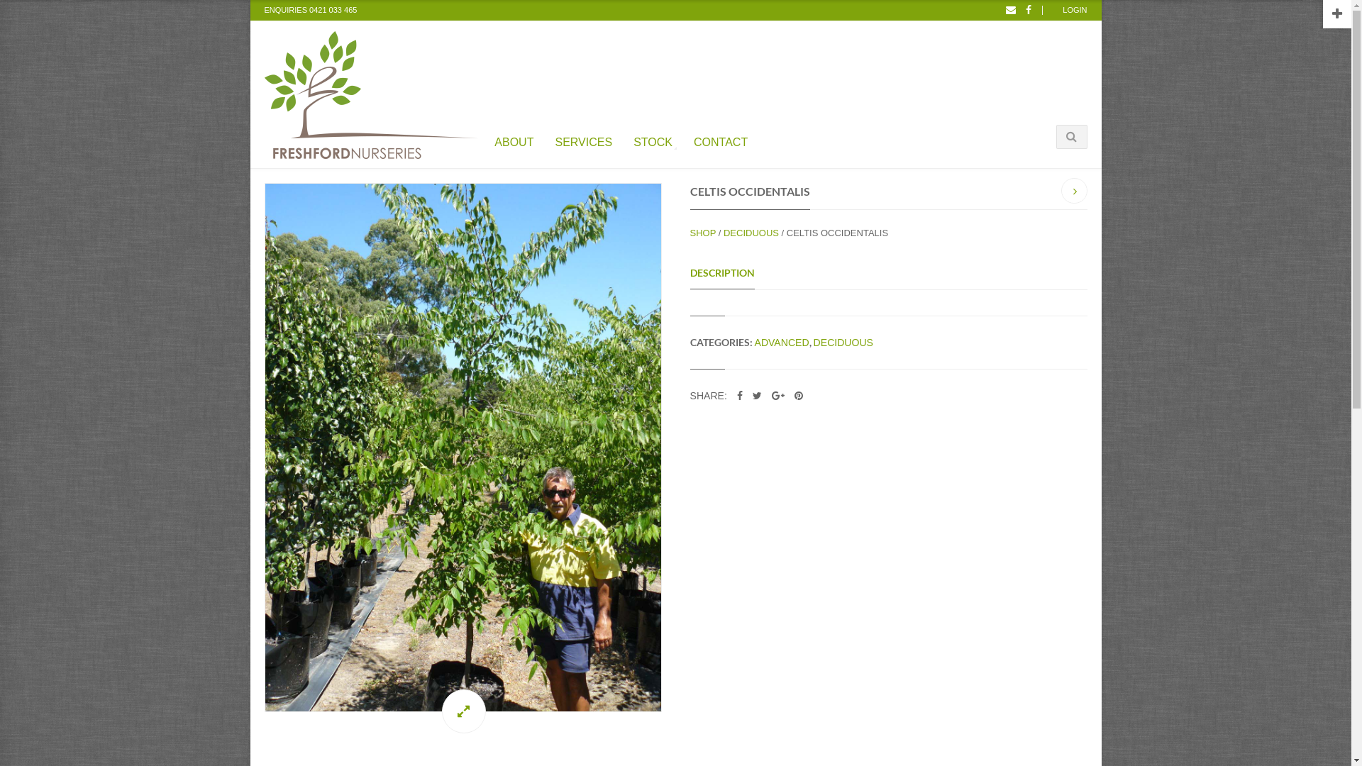 The width and height of the screenshot is (1362, 766). I want to click on 'SERVICES', so click(550, 139).